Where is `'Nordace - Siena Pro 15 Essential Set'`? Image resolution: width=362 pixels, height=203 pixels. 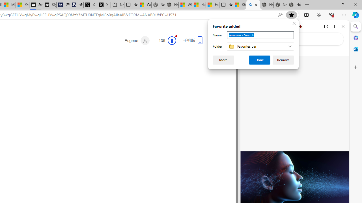 'Nordace - Siena Pro 15 Essential Set' is located at coordinates (294, 5).